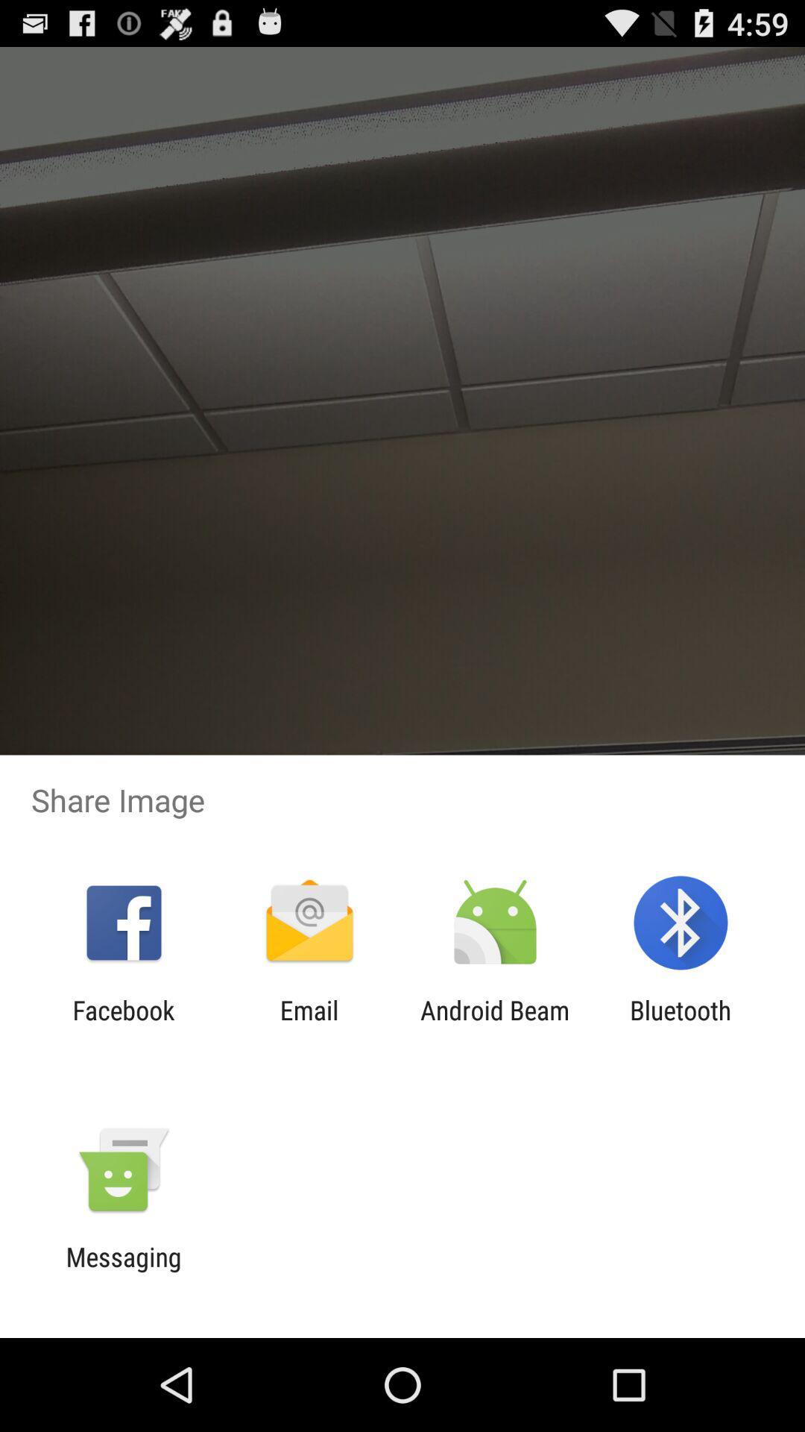 The width and height of the screenshot is (805, 1432). What do you see at coordinates (495, 1025) in the screenshot?
I see `the item next to the bluetooth app` at bounding box center [495, 1025].